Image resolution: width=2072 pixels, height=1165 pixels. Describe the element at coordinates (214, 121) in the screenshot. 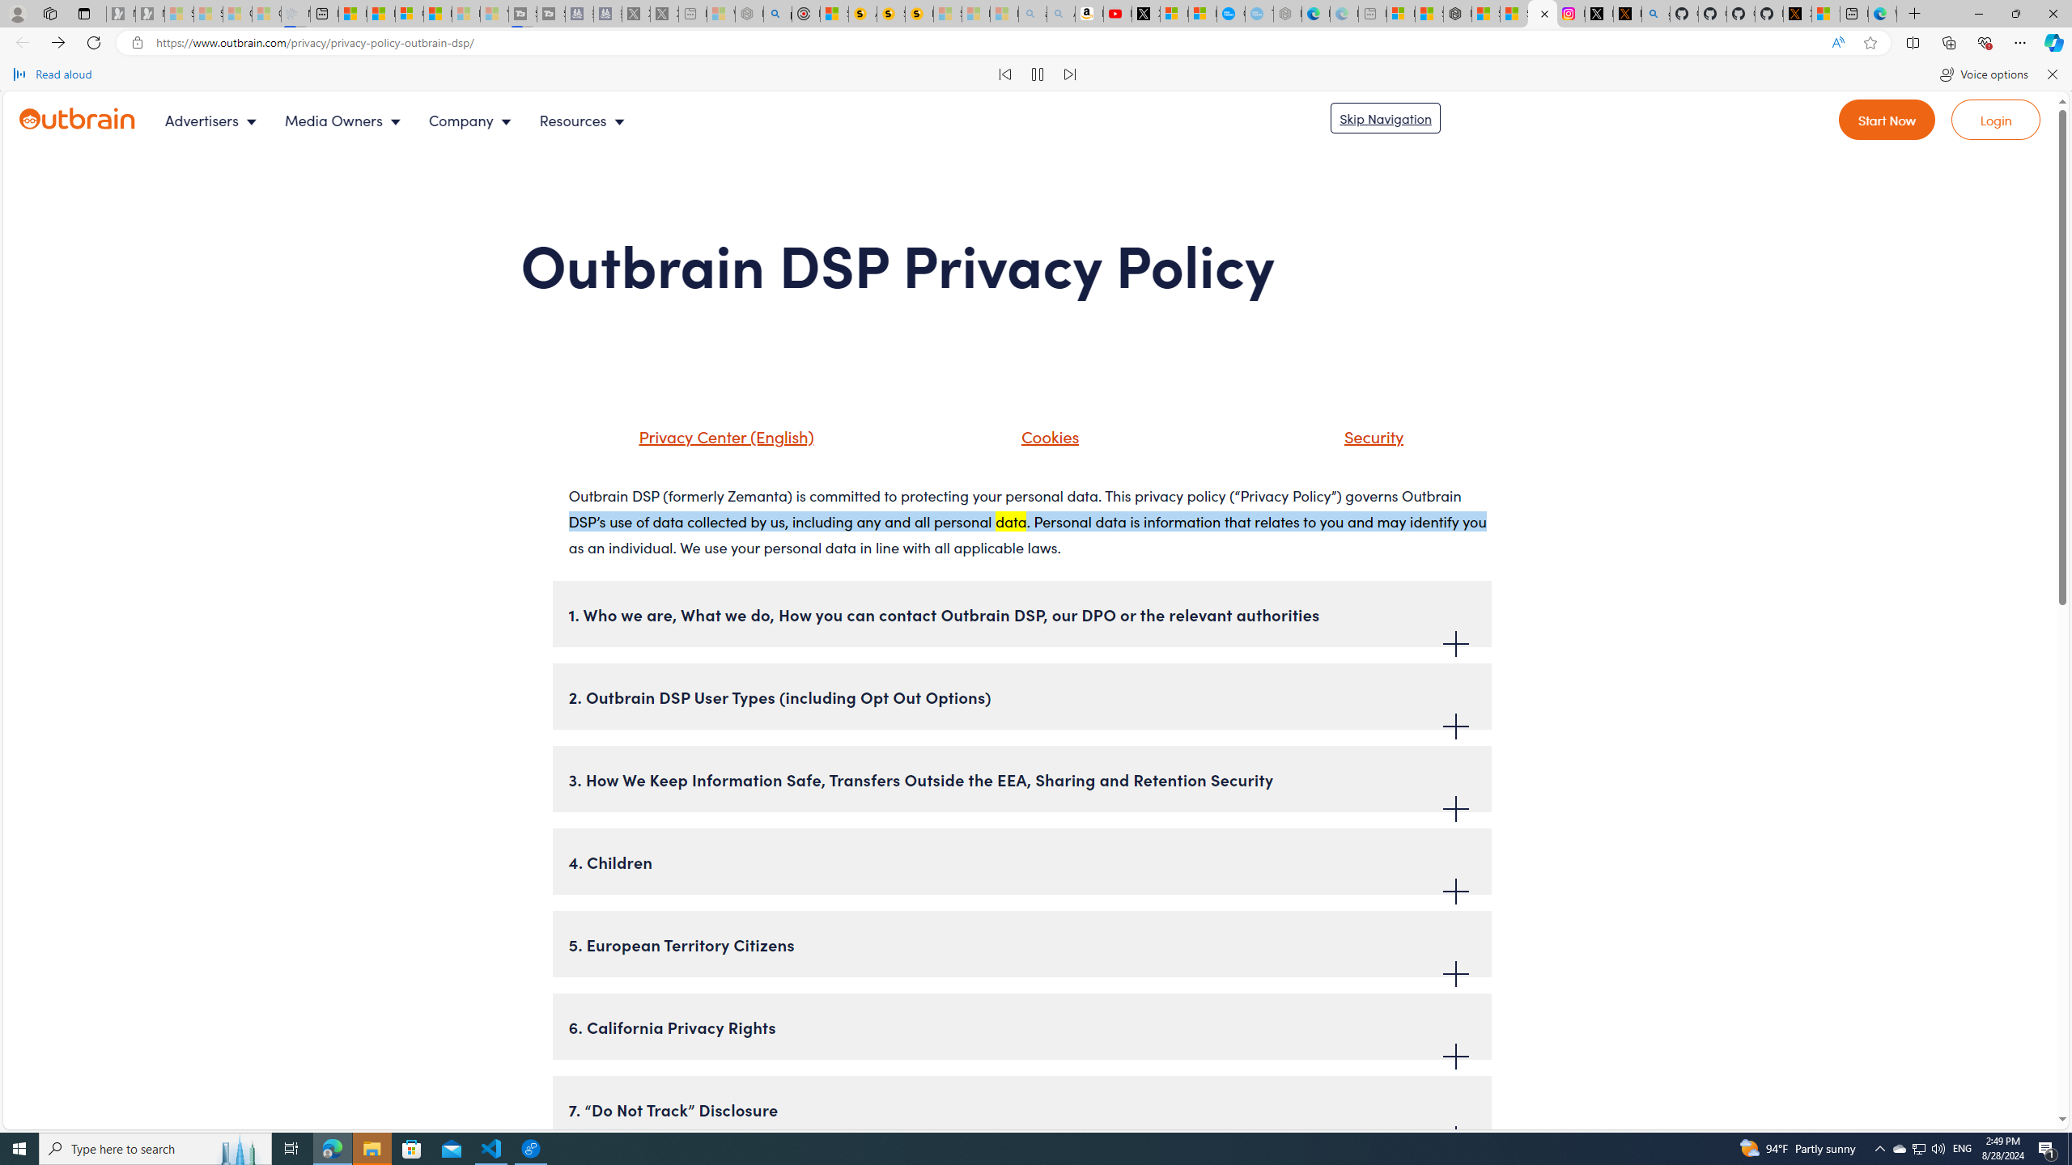

I see `'Advertisers'` at that location.